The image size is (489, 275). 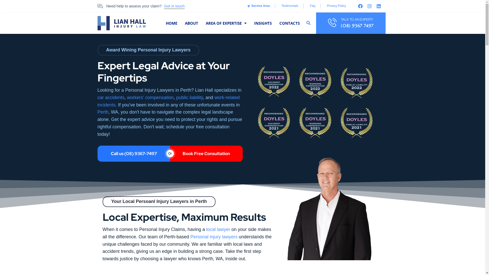 I want to click on 'local lawyer', so click(x=218, y=229).